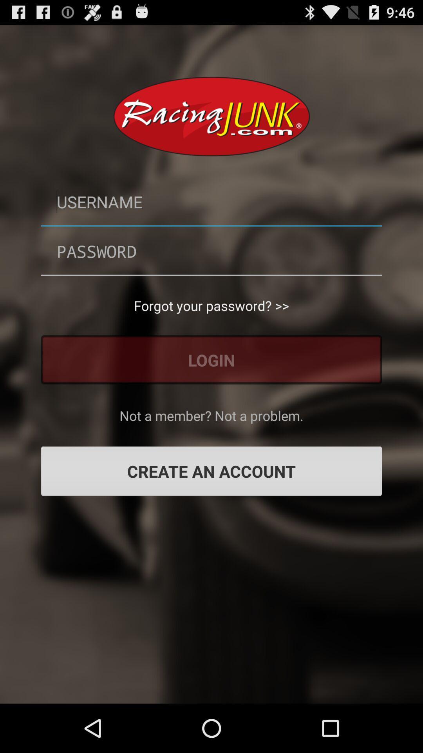 This screenshot has width=423, height=753. What do you see at coordinates (211, 251) in the screenshot?
I see `password column` at bounding box center [211, 251].